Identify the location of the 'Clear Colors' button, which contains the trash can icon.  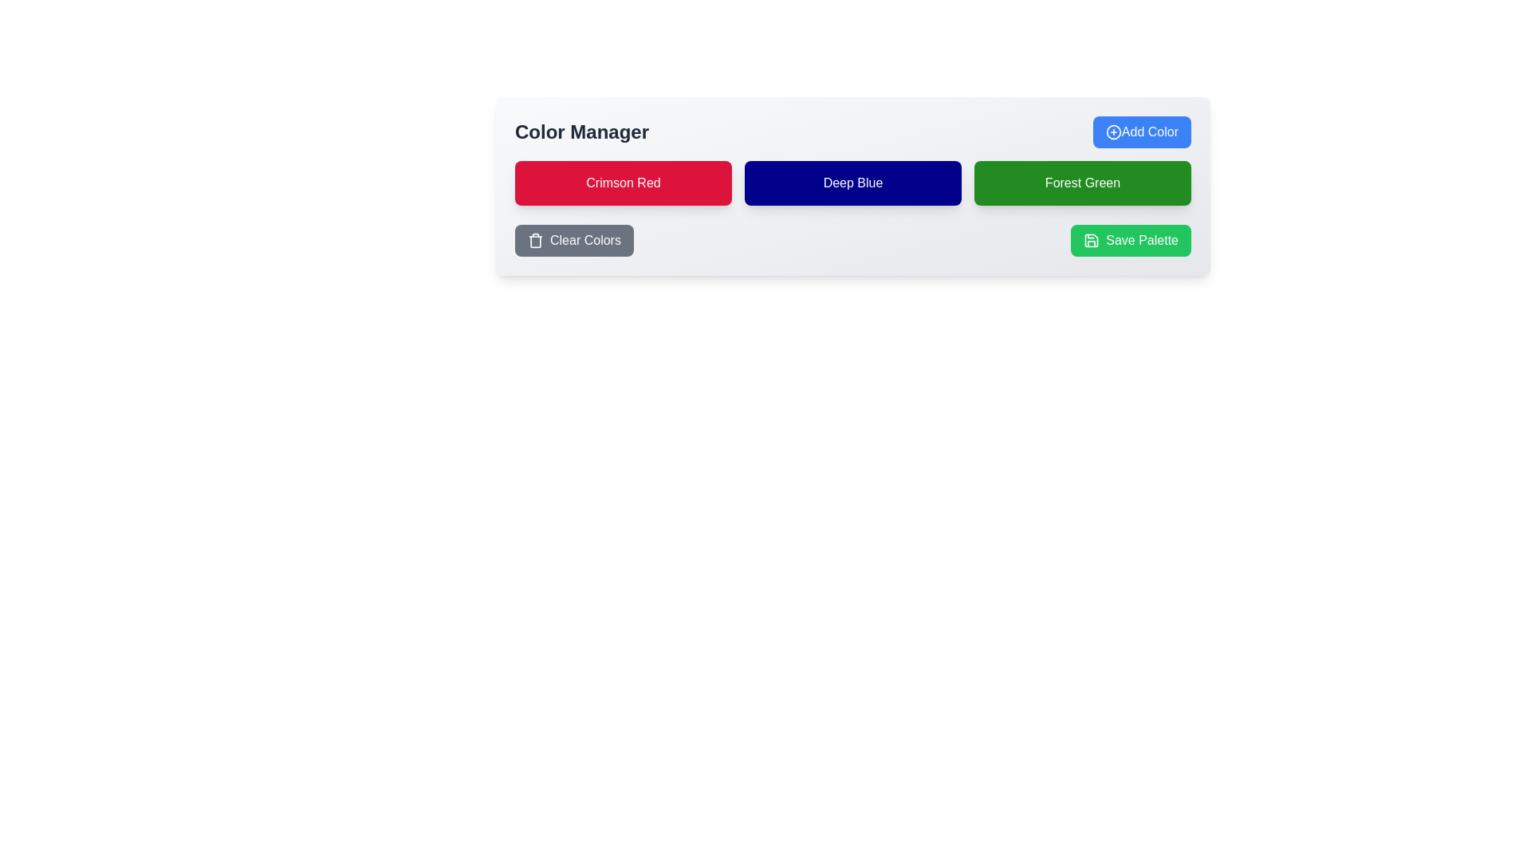
(536, 242).